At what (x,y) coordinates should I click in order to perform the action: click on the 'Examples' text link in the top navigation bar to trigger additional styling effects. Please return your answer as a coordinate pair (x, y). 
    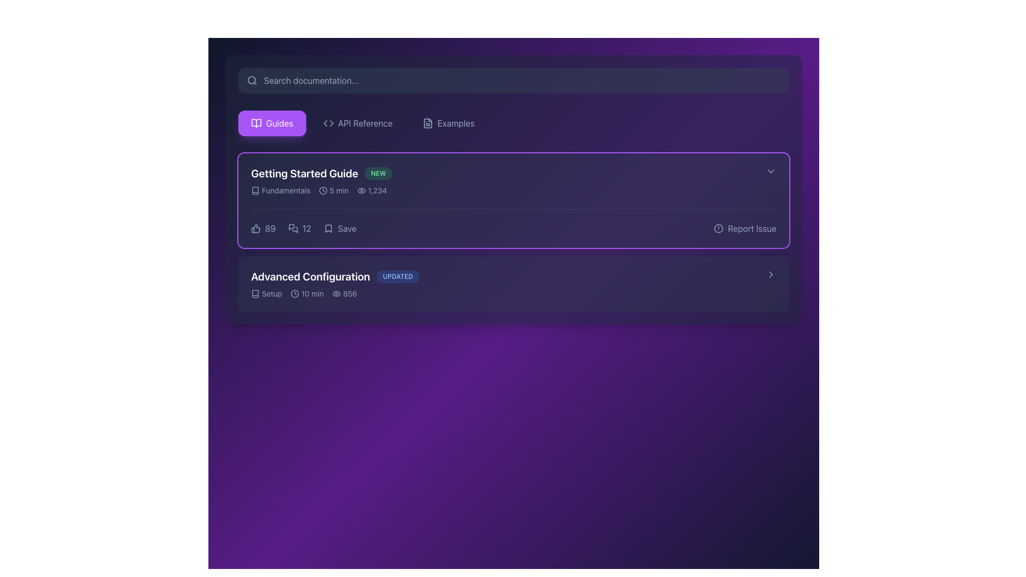
    Looking at the image, I should click on (456, 123).